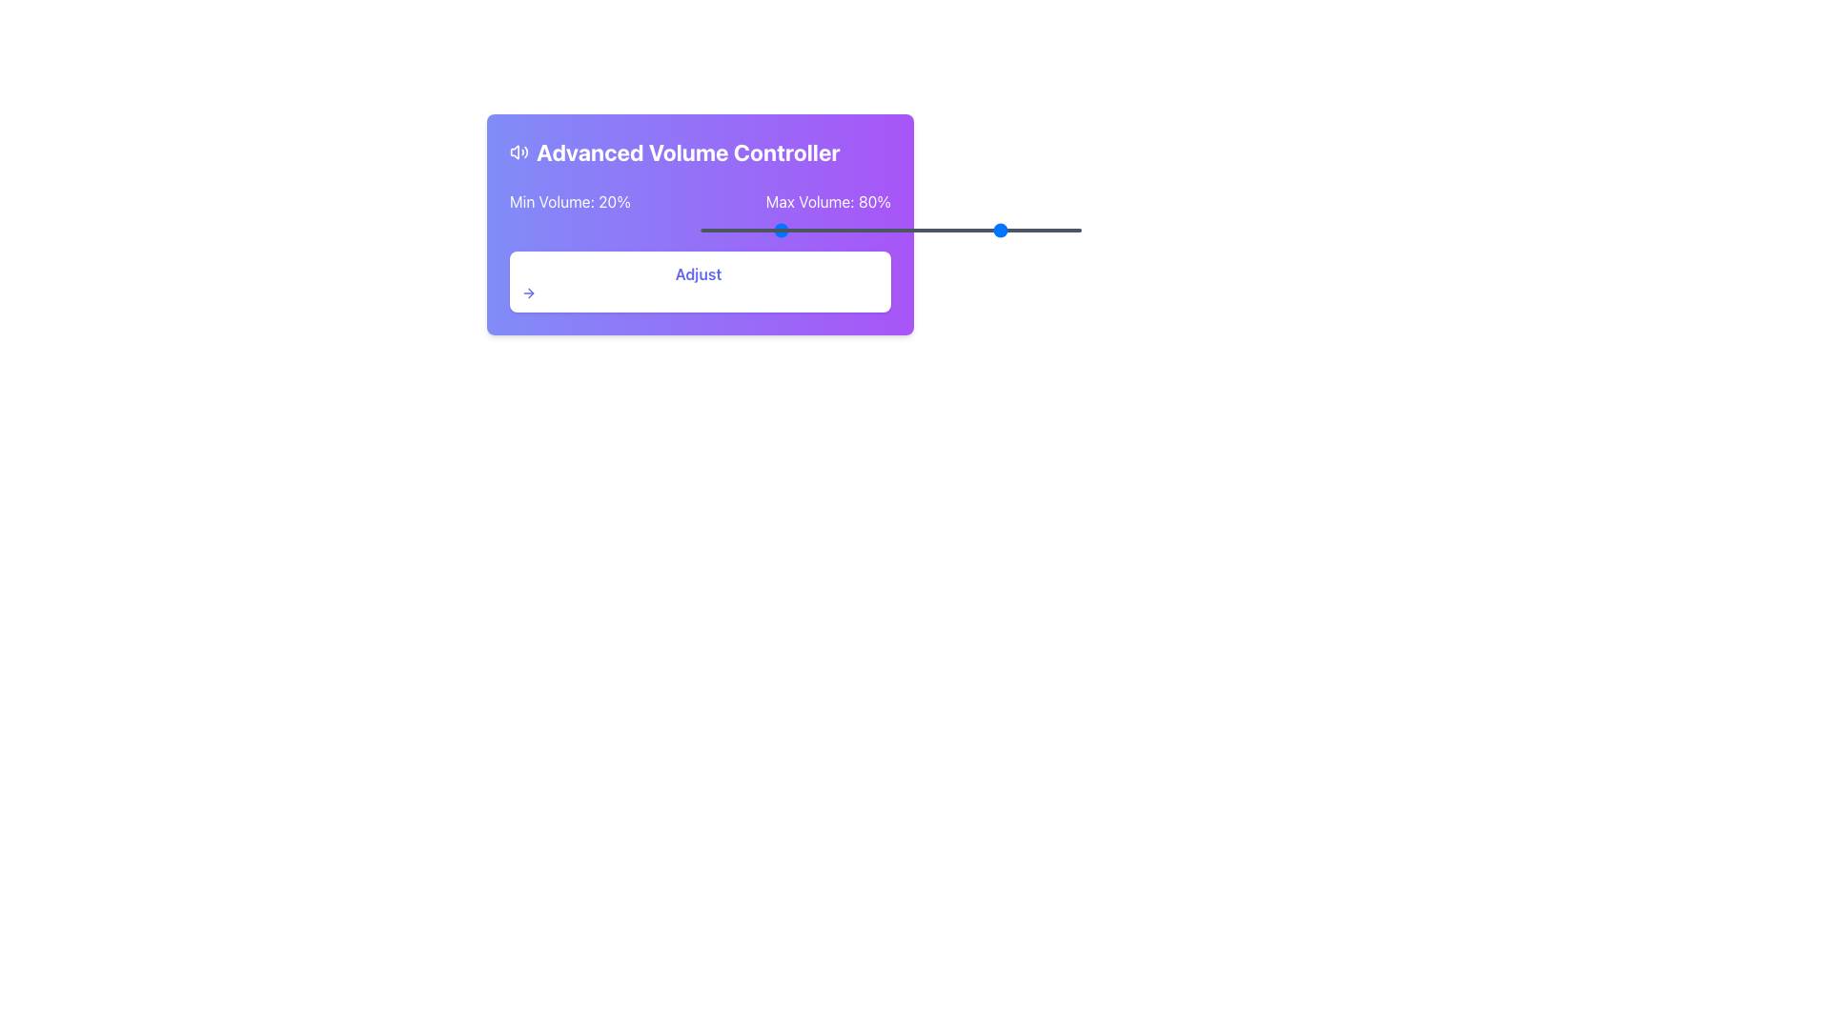 This screenshot has height=1029, width=1830. What do you see at coordinates (699, 282) in the screenshot?
I see `the 'Adjust' button with indigo blue text, located in the 'Advanced Volume Controller' section` at bounding box center [699, 282].